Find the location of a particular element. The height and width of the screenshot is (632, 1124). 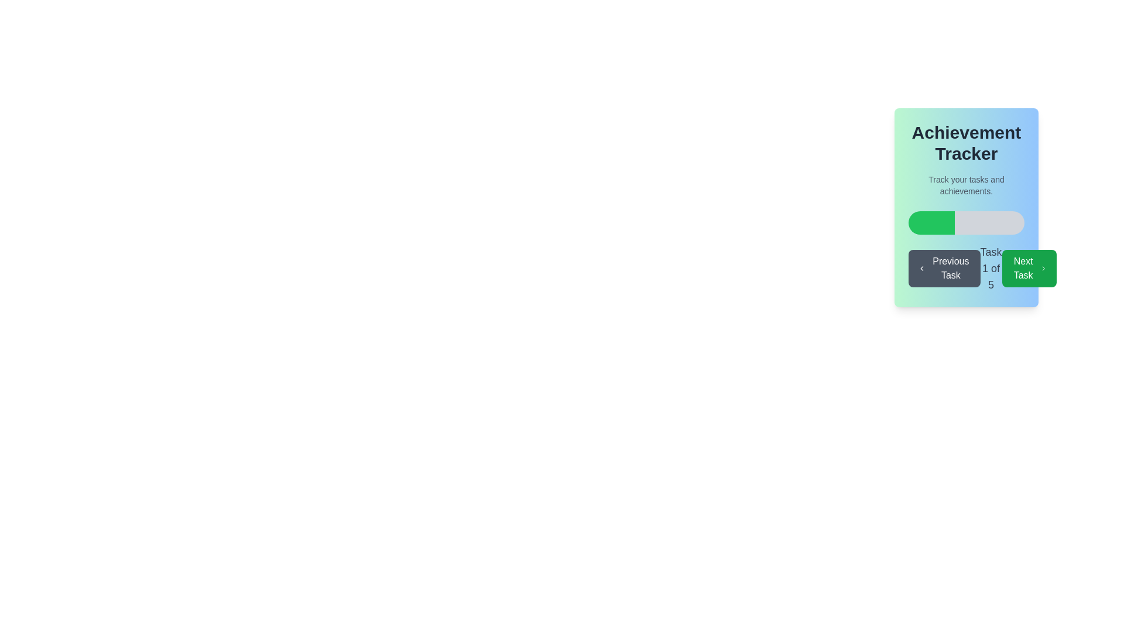

the static text block that contains the content 'Track your tasks and achievements.' which is located beneath the heading 'Achievement Tracker' is located at coordinates (967, 184).